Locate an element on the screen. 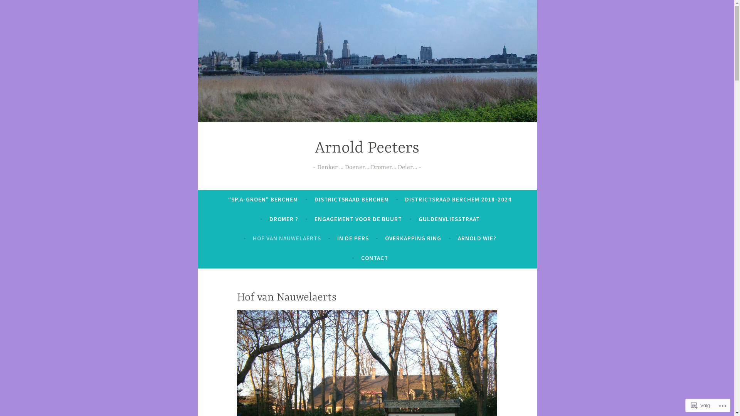 The height and width of the screenshot is (416, 740). 'IN DE PERS' is located at coordinates (353, 238).